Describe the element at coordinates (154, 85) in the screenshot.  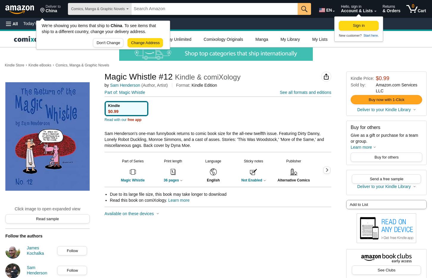
I see `'(Author, Artist)'` at that location.